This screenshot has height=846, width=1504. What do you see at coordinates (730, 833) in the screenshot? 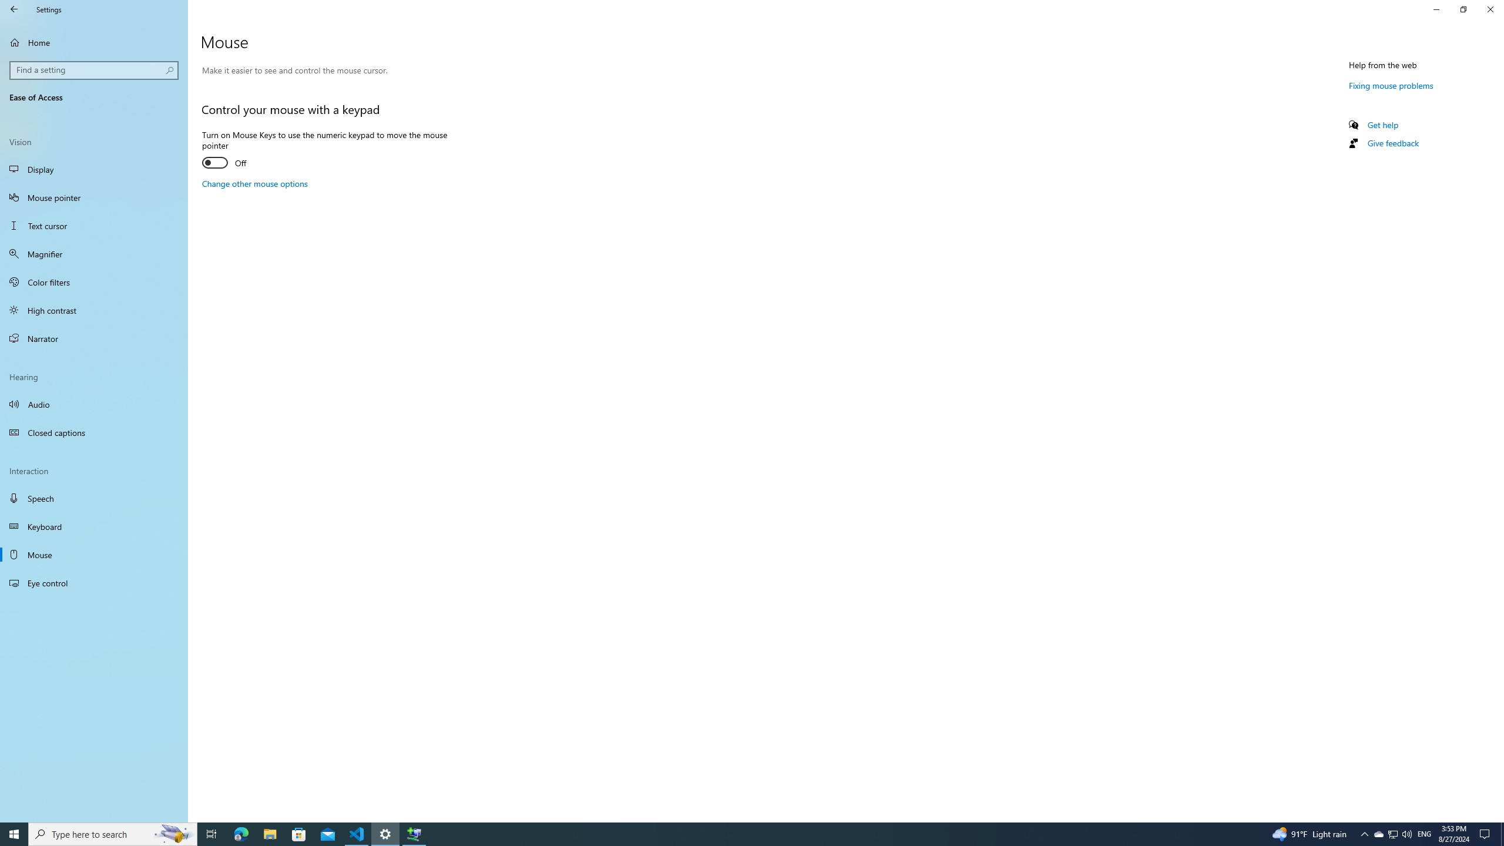
I see `'Running applications'` at bounding box center [730, 833].